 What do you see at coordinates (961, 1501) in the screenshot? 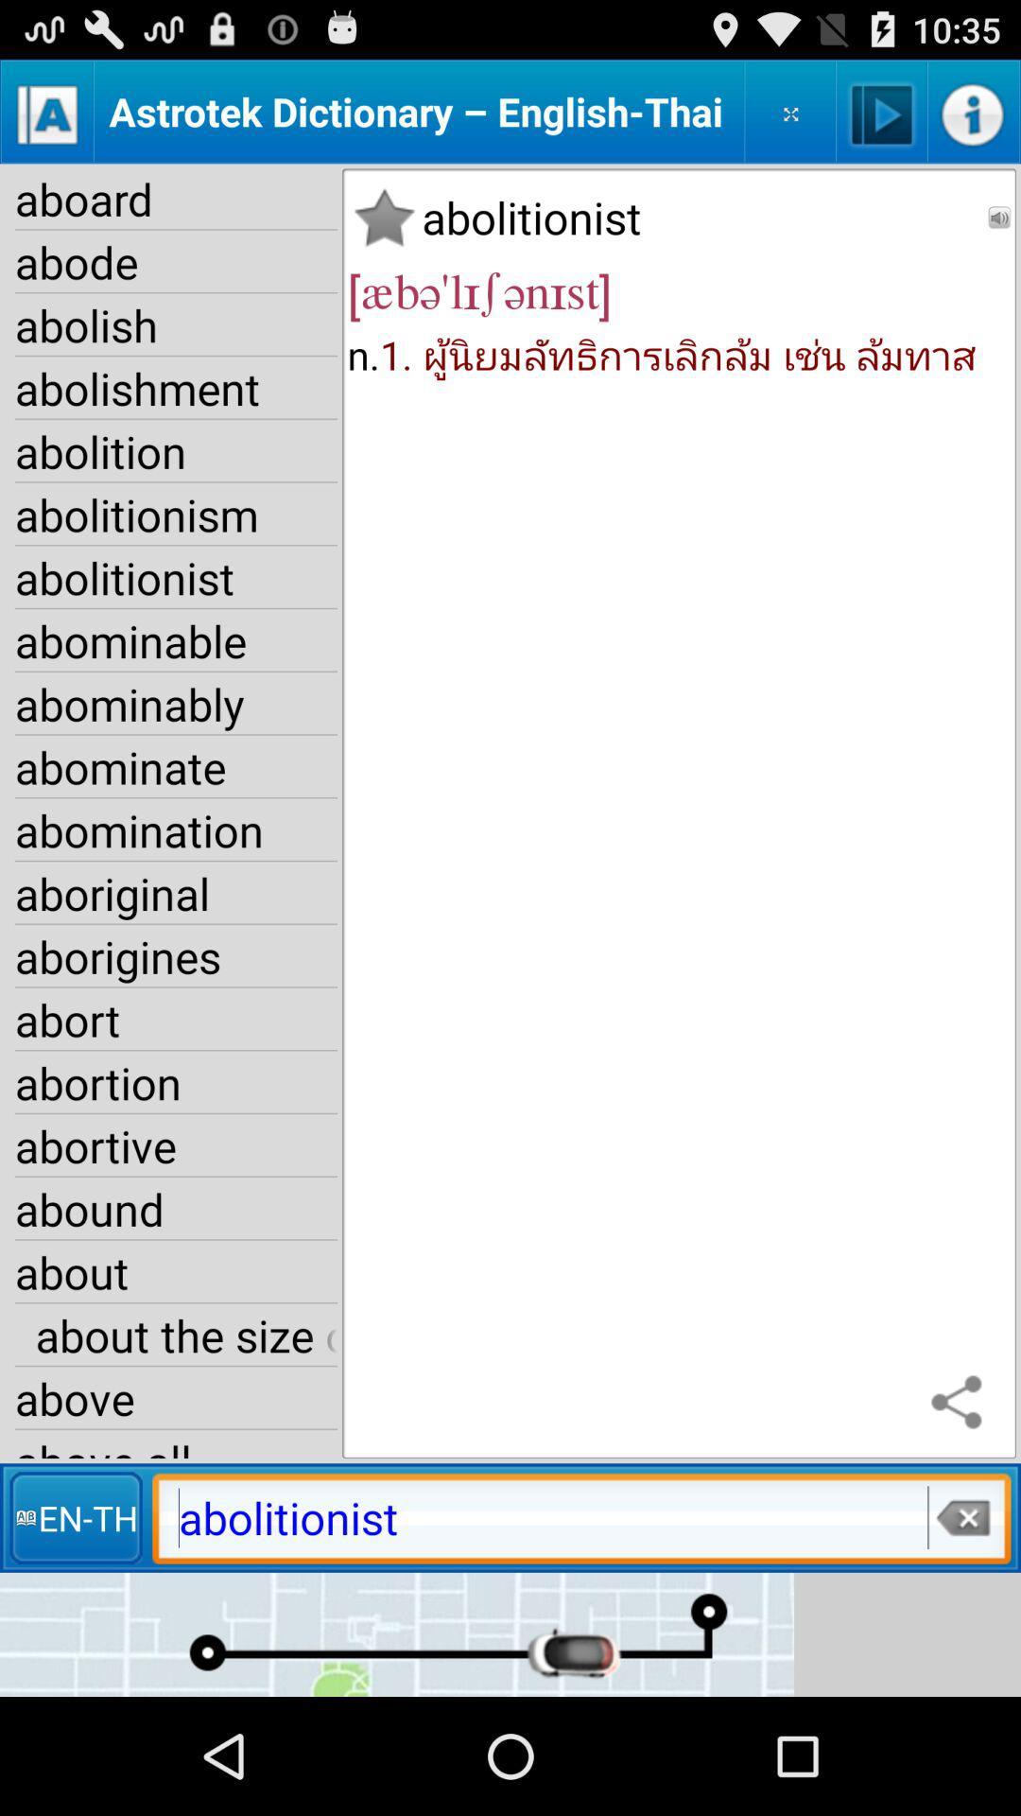
I see `the share icon` at bounding box center [961, 1501].